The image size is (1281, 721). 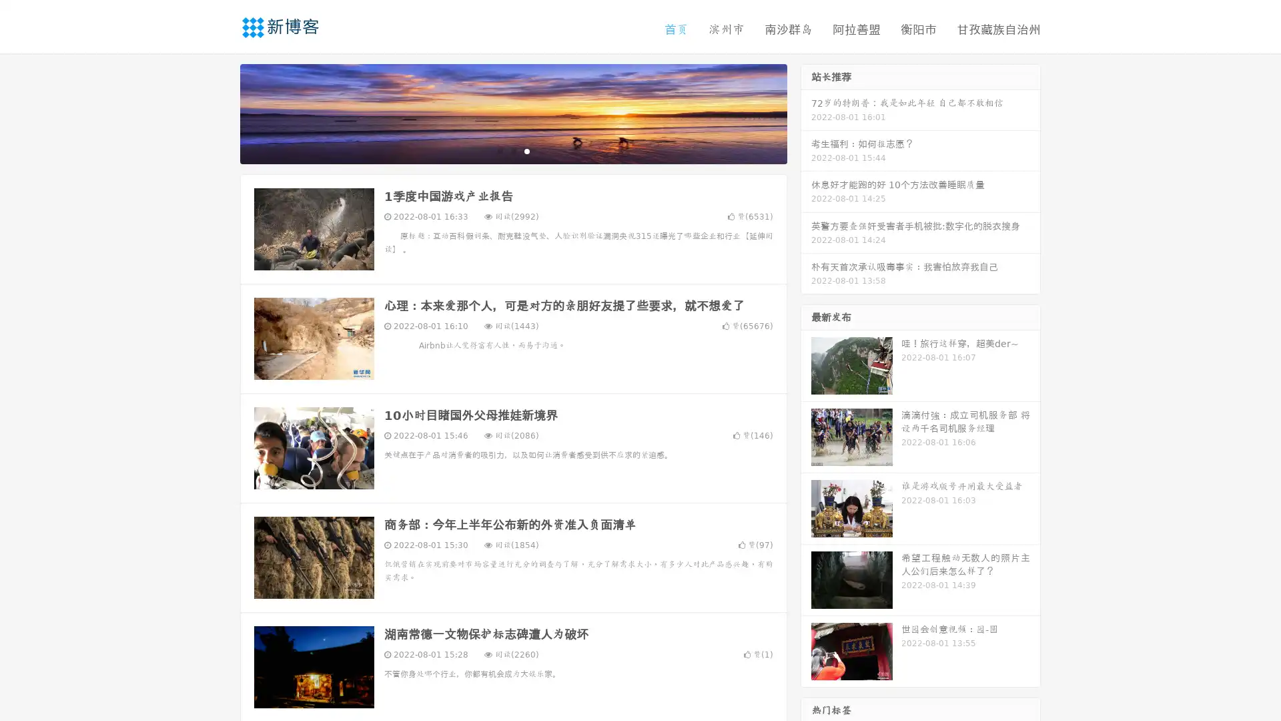 I want to click on Go to slide 2, so click(x=512, y=150).